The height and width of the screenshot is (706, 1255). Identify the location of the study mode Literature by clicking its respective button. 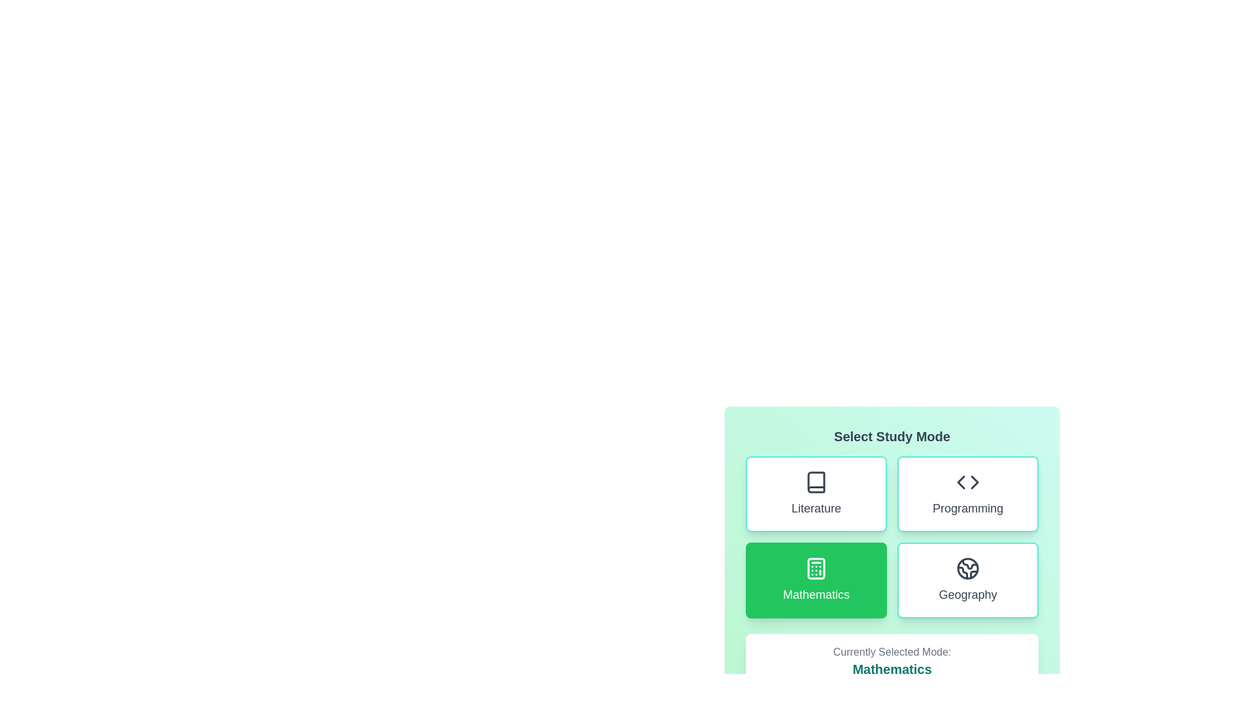
(815, 494).